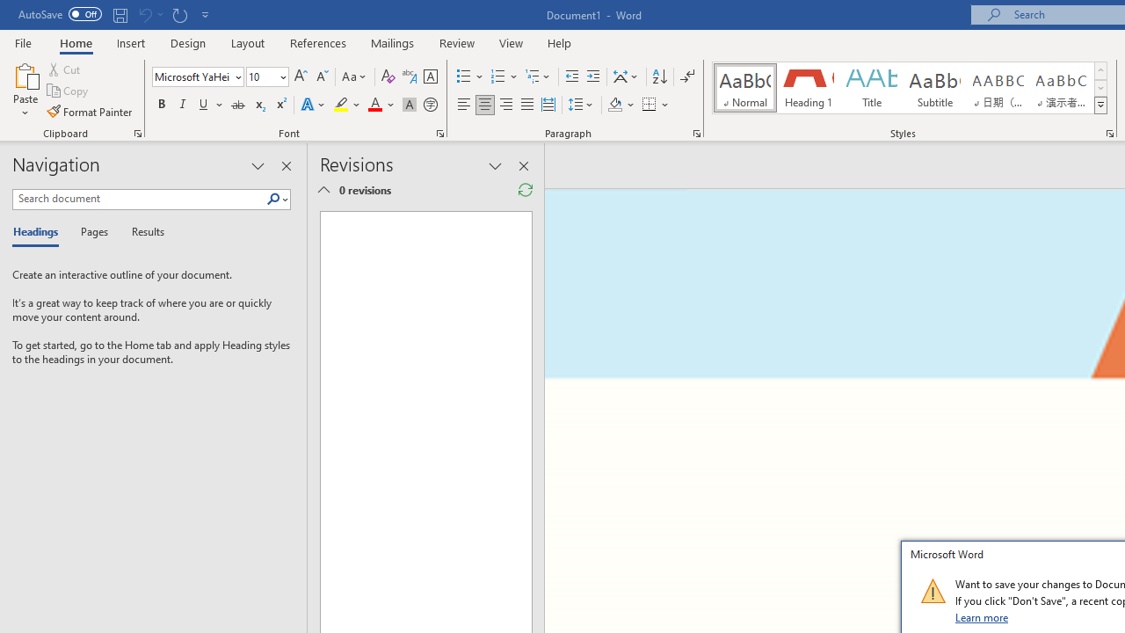 The width and height of the screenshot is (1125, 633). I want to click on 'Font...', so click(440, 132).